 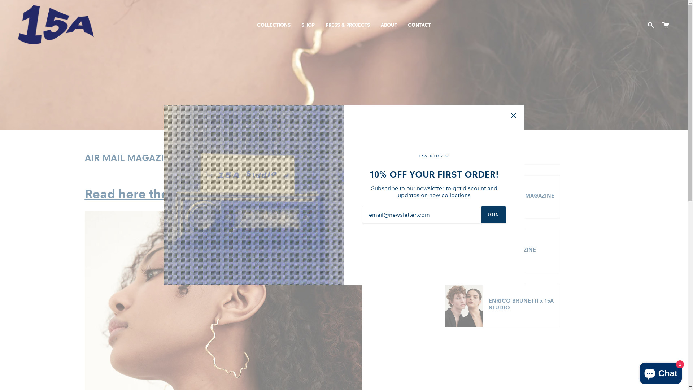 What do you see at coordinates (419, 24) in the screenshot?
I see `'CONTACT'` at bounding box center [419, 24].